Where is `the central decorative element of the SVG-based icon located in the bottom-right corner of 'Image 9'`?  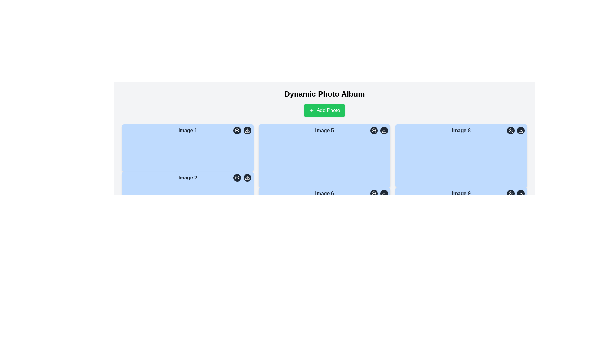
the central decorative element of the SVG-based icon located in the bottom-right corner of 'Image 9' is located at coordinates (510, 193).